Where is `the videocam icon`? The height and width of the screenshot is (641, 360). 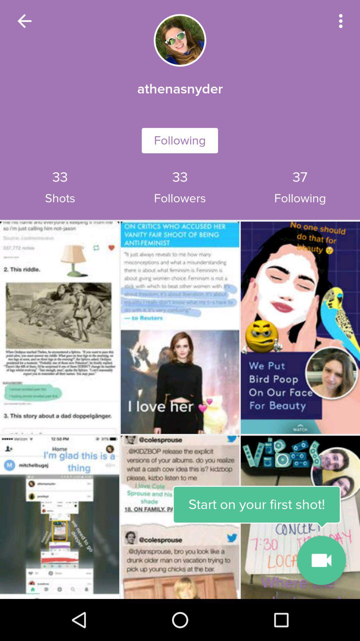
the videocam icon is located at coordinates (321, 560).